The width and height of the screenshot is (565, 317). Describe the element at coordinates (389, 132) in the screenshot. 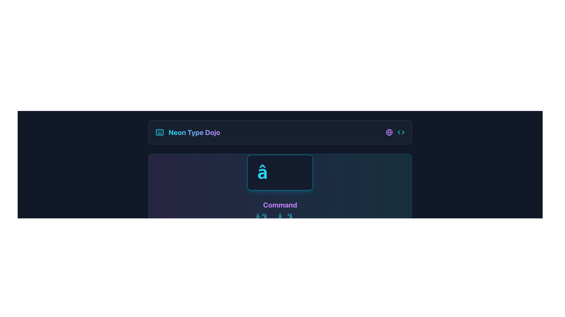

I see `the global settings icon located on the far left of the horizontal group of icons in the top-right corner of the interface` at that location.